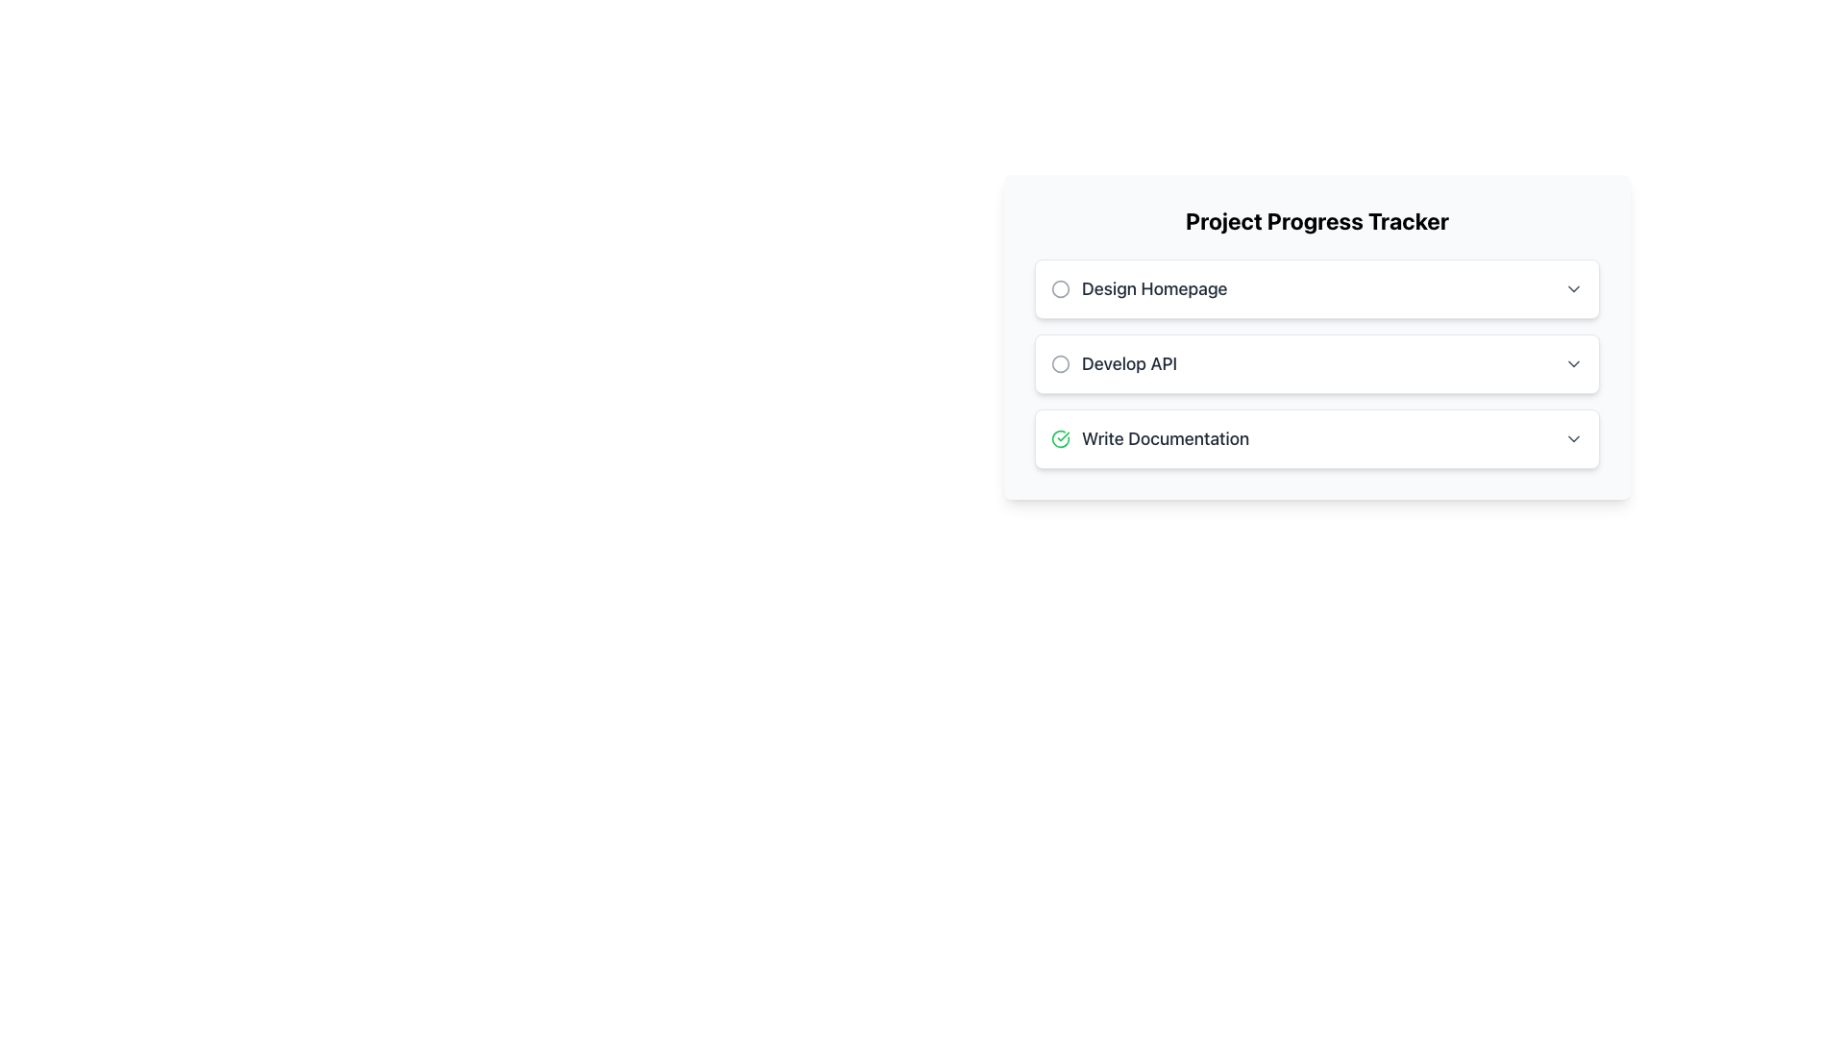 Image resolution: width=1845 pixels, height=1038 pixels. What do you see at coordinates (1316, 438) in the screenshot?
I see `the dropdown arrow of the third Task card in the 'Project Progress Tracker'` at bounding box center [1316, 438].